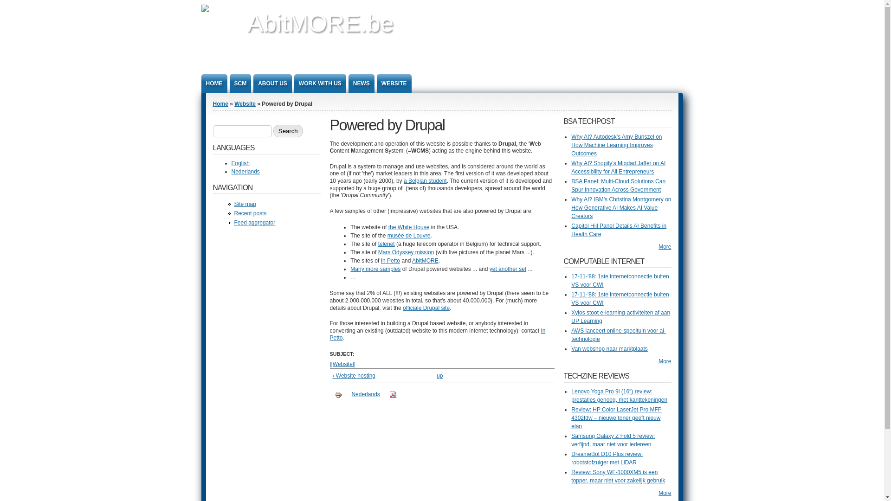  I want to click on 'More', so click(658, 493).